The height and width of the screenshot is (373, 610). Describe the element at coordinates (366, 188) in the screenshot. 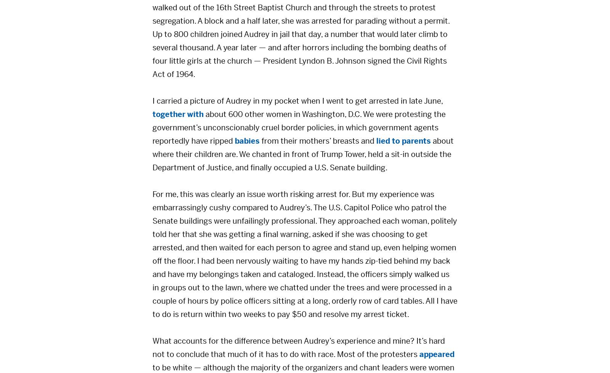

I see `'About'` at that location.